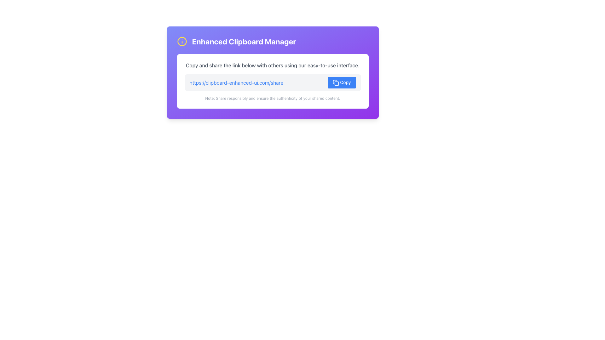 The height and width of the screenshot is (340, 605). Describe the element at coordinates (181, 41) in the screenshot. I see `the circular icon styled in yellow with an outlined circle and a vertical line inside, positioned before the text 'Enhanced Clipboard Manager'` at that location.